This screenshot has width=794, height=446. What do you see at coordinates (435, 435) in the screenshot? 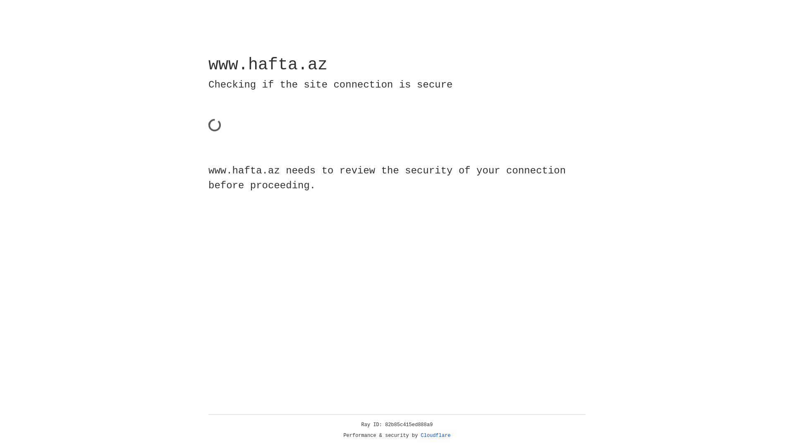
I see `'Cloudflare'` at bounding box center [435, 435].